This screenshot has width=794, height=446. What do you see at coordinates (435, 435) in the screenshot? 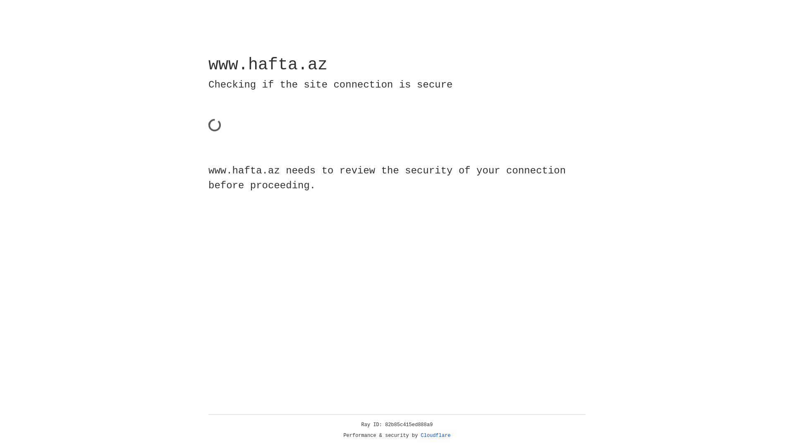
I see `'Cloudflare'` at bounding box center [435, 435].